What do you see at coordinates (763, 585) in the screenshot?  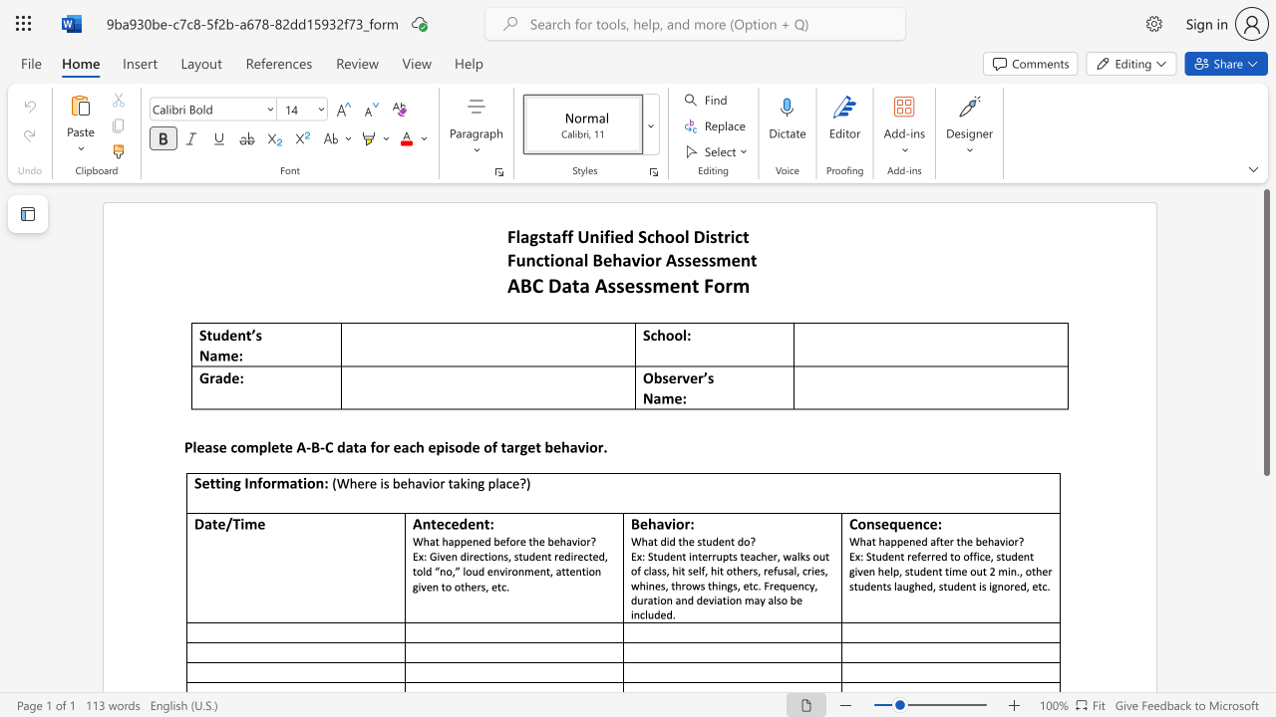 I see `the subset text "Frequency, duration and deviation ma" within the text ", throws things, etc. Frequency, duration and deviation may also be included."` at bounding box center [763, 585].